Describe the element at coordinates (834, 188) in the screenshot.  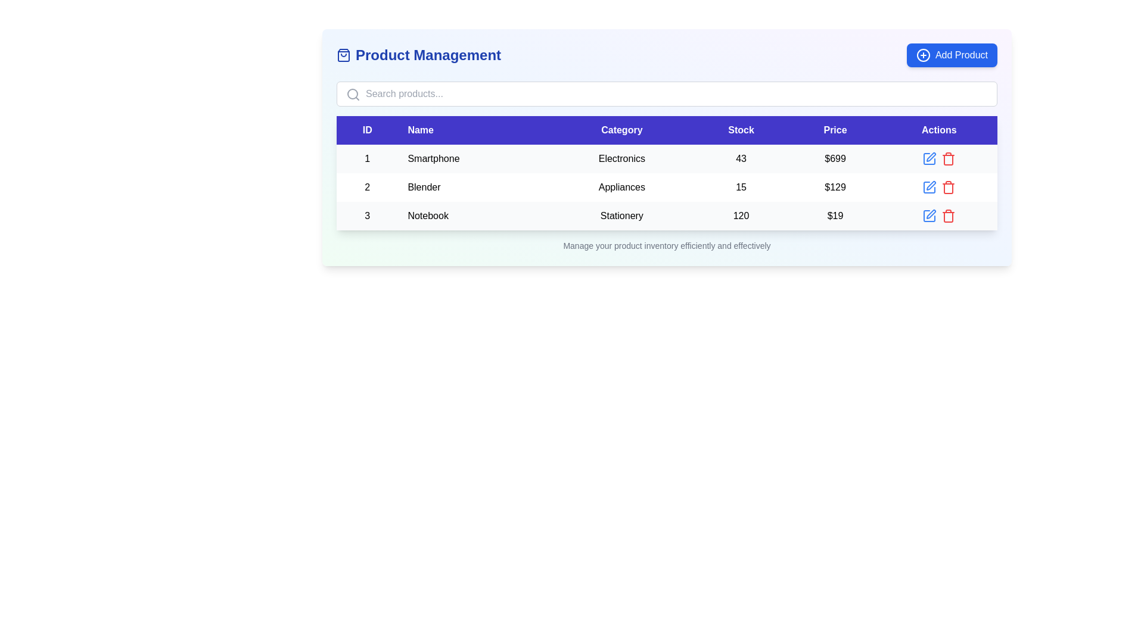
I see `price information from the text element located in the fifth cell of the second row under the 'Price' column header` at that location.